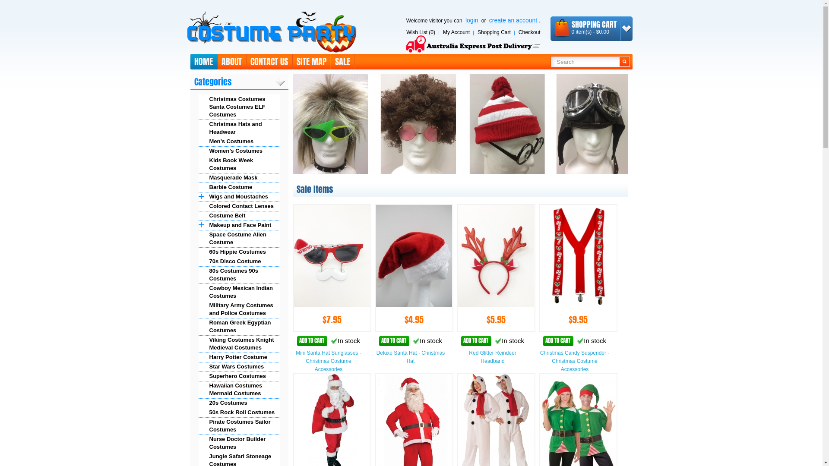  I want to click on 'Search', so click(585, 61).